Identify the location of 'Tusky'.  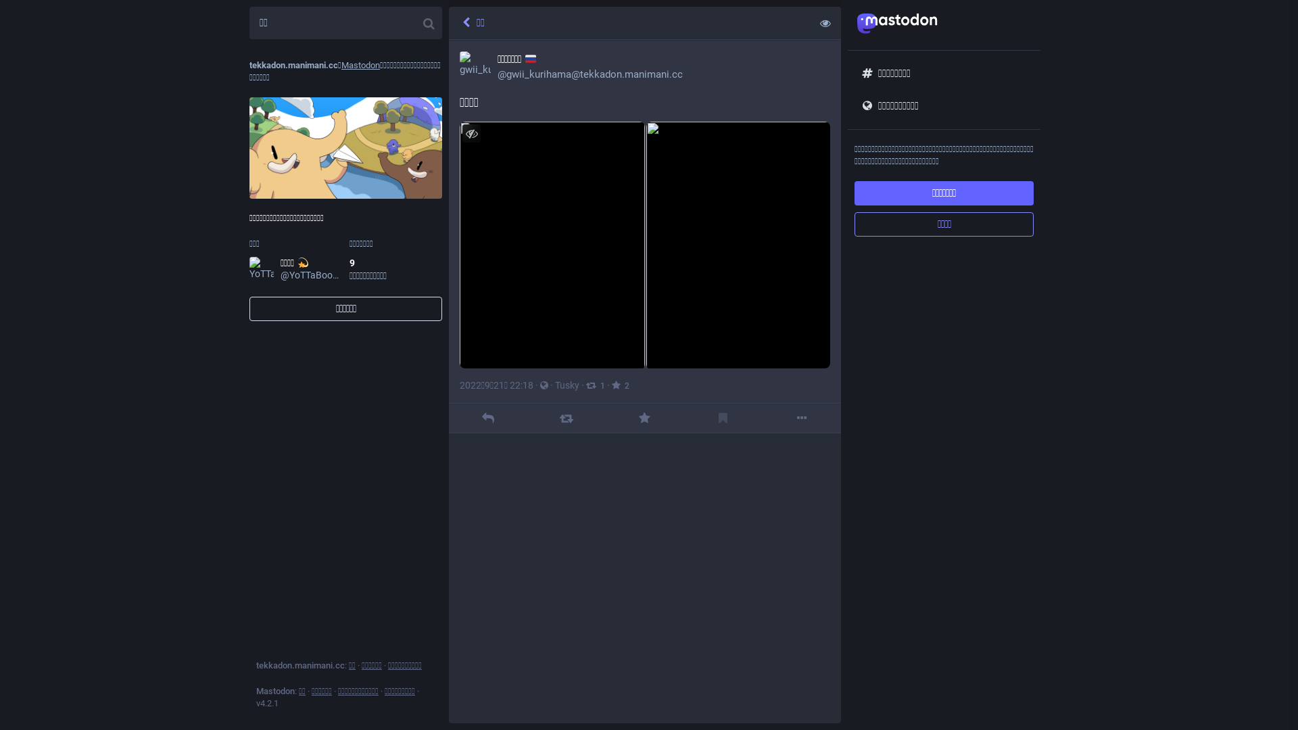
(567, 385).